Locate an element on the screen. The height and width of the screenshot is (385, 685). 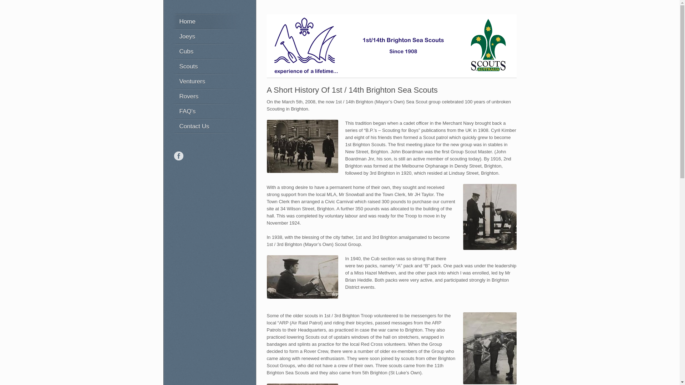
'Venturers' is located at coordinates (207, 81).